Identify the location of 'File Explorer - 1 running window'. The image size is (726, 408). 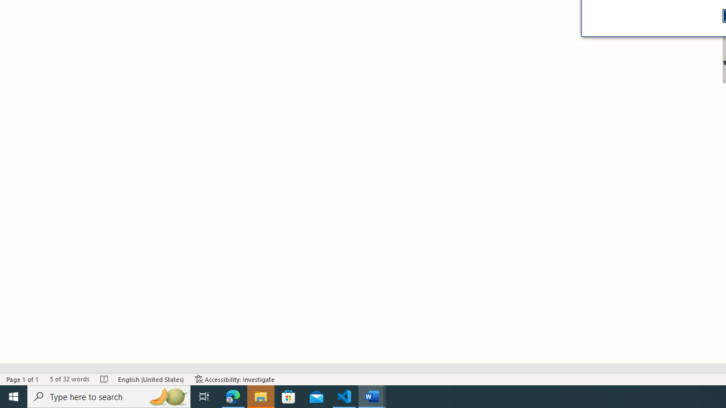
(260, 396).